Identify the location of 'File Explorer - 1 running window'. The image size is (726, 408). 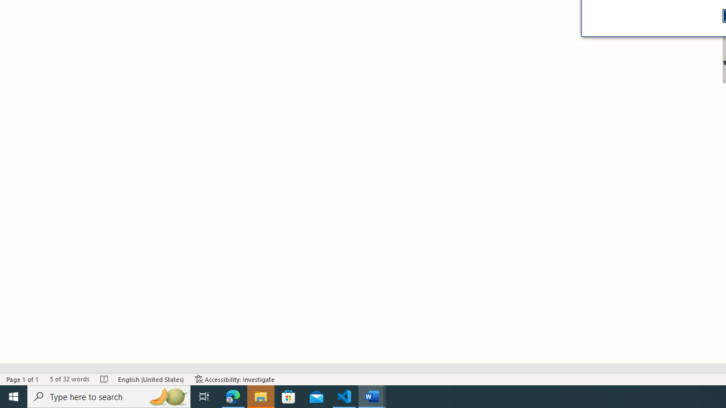
(260, 396).